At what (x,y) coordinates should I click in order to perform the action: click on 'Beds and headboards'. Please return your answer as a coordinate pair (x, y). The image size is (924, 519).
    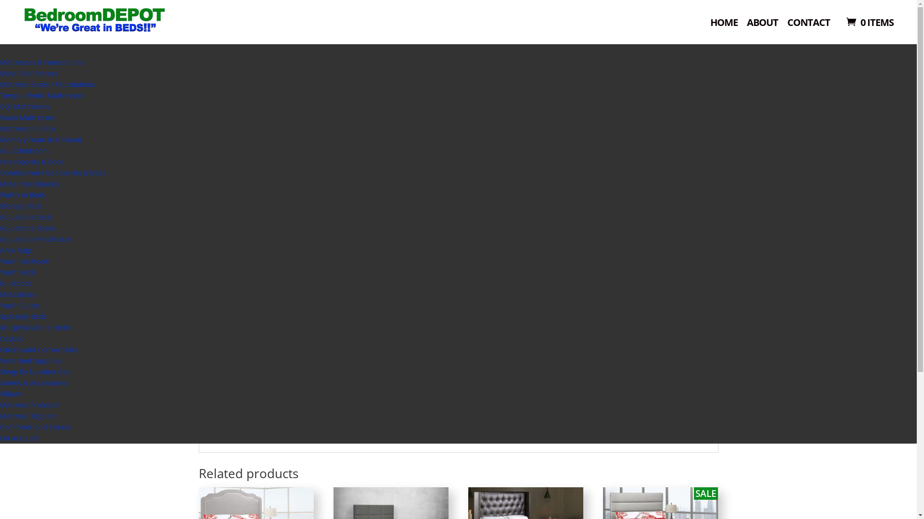
    Looking at the image, I should click on (252, 90).